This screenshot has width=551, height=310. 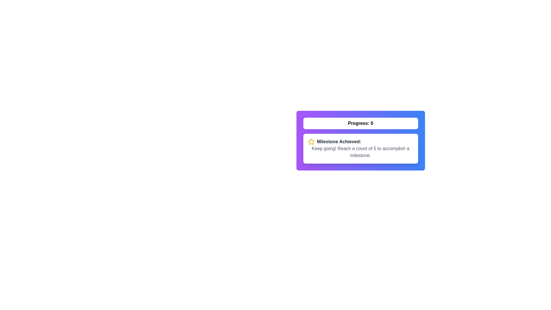 What do you see at coordinates (311, 142) in the screenshot?
I see `the display of the yellow star icon that signifies importance, located at the leftmost position of the 'Milestone Achieved:' text group` at bounding box center [311, 142].